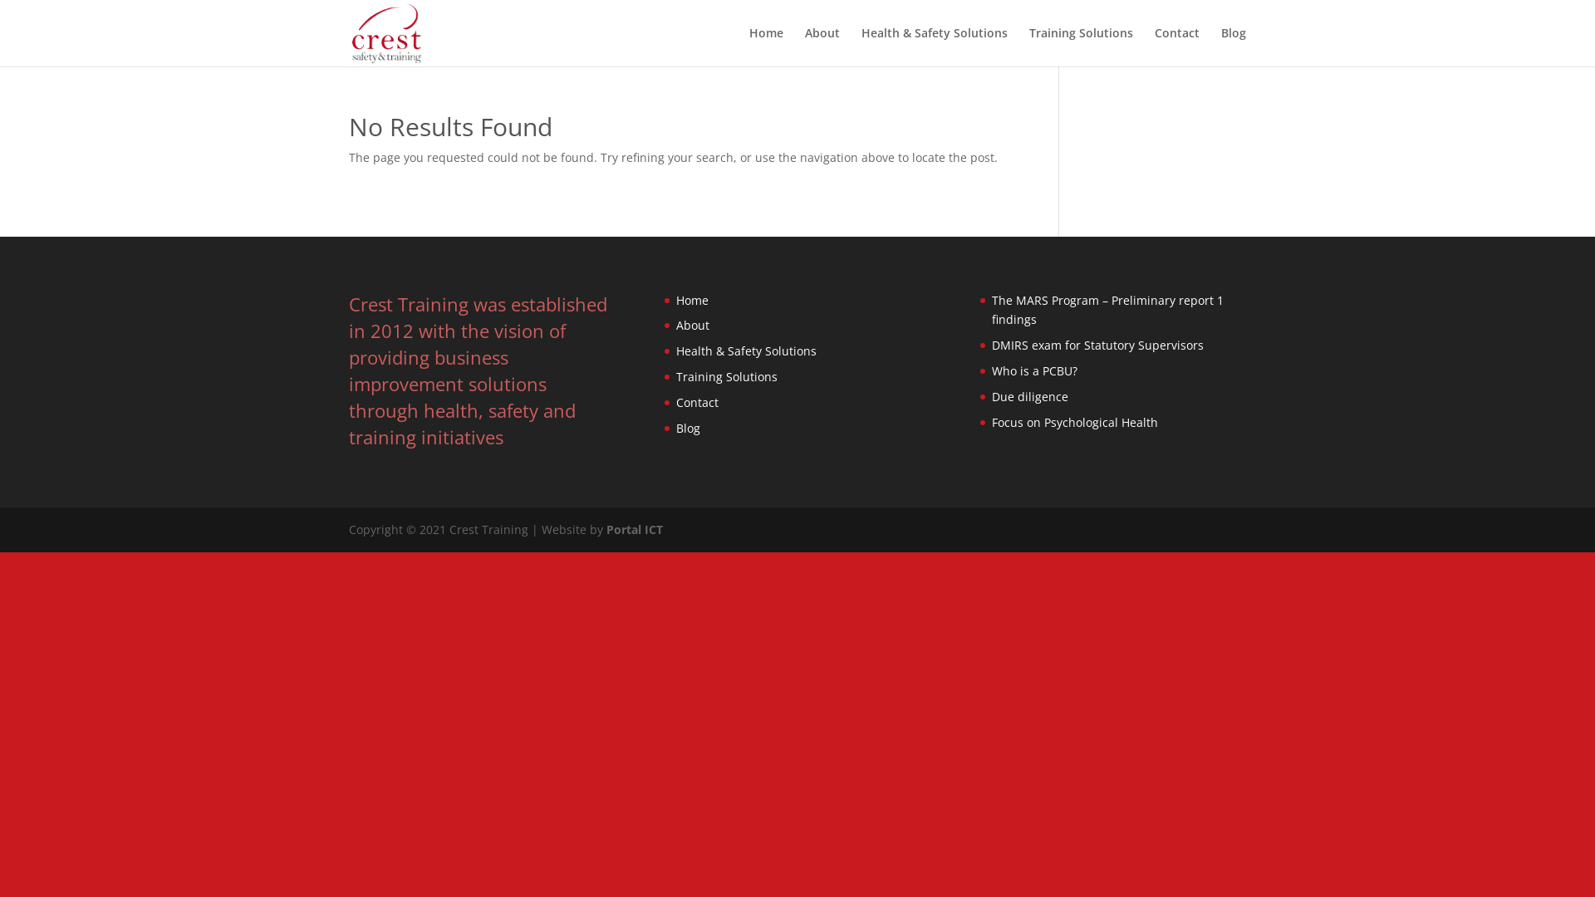 The width and height of the screenshot is (1595, 897). Describe the element at coordinates (1081, 46) in the screenshot. I see `'Training Solutions'` at that location.